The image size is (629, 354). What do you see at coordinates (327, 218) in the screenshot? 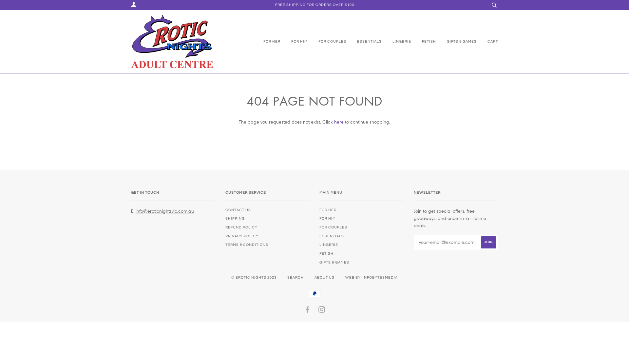
I see `'FOR HIM'` at bounding box center [327, 218].